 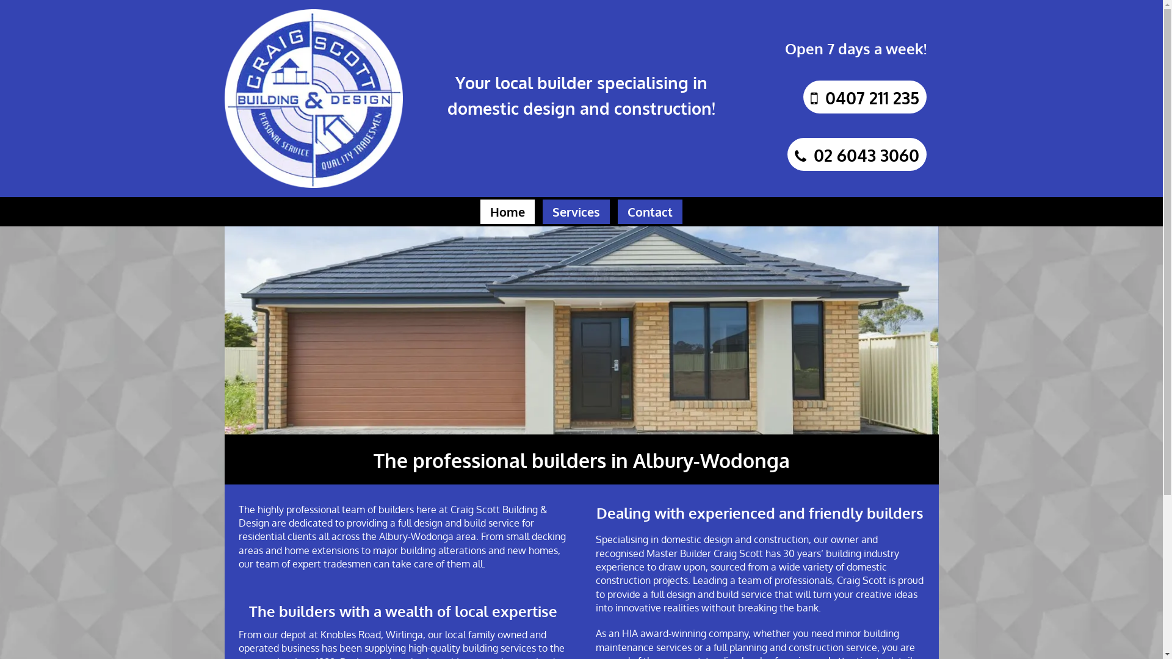 What do you see at coordinates (649, 211) in the screenshot?
I see `'Contact'` at bounding box center [649, 211].